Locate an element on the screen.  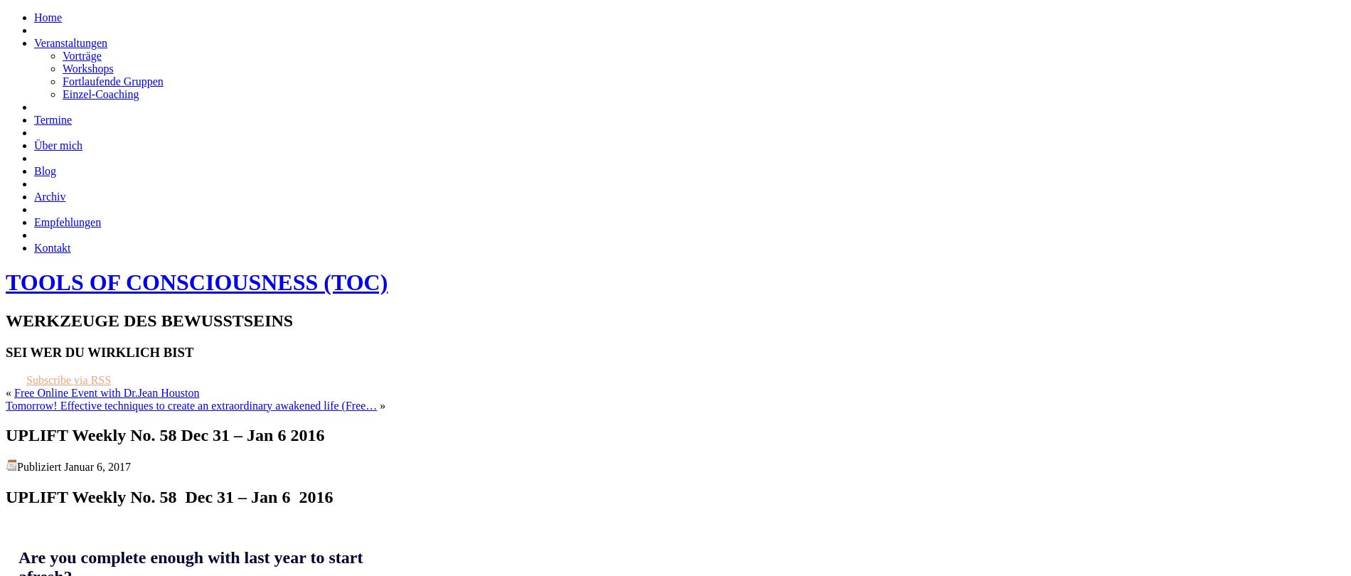
'Januar 6, 2017' is located at coordinates (64, 466).